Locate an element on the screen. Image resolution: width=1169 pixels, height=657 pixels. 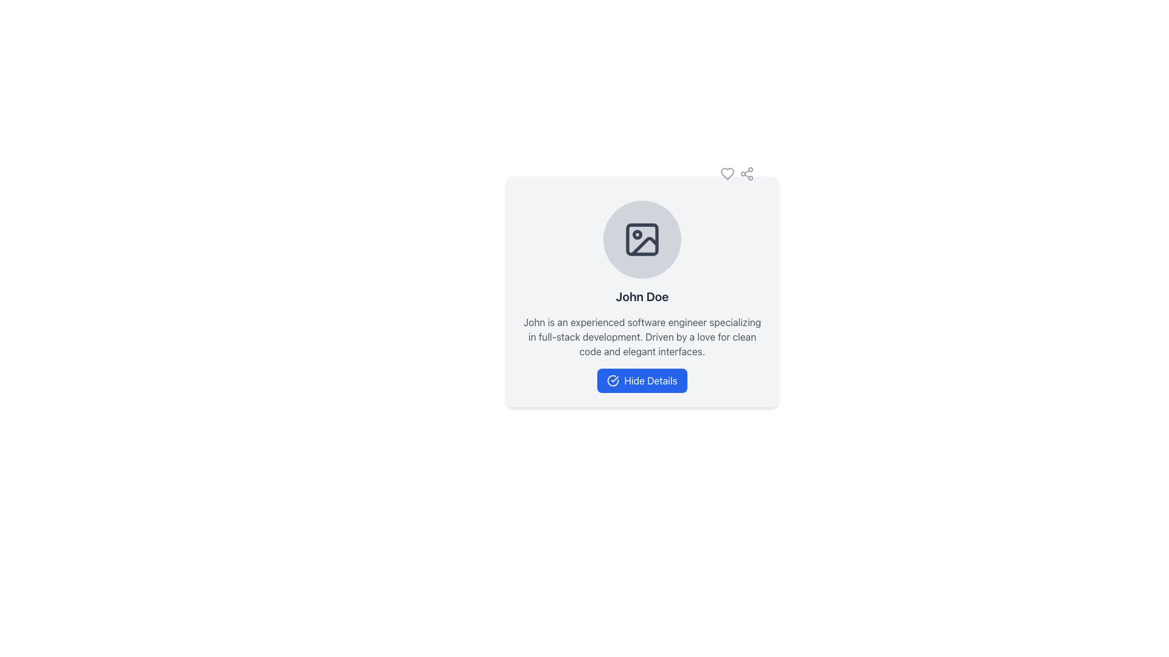
the text block that informs users about John's professional skills and expertise, positioned beneath the heading 'John Doe' and above the 'Hide Details' button is located at coordinates (642, 337).